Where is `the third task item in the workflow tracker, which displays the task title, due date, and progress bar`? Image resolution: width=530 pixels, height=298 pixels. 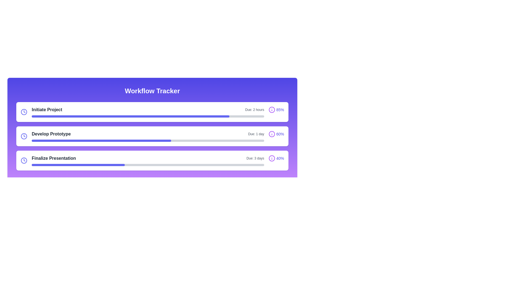
the third task item in the workflow tracker, which displays the task title, due date, and progress bar is located at coordinates (148, 161).